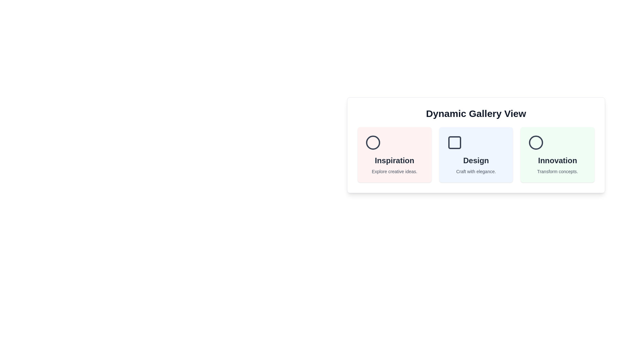  Describe the element at coordinates (476, 155) in the screenshot. I see `the second section of the 'Dynamic Gallery View' that showcases design concepts related to crafting with elegance` at that location.